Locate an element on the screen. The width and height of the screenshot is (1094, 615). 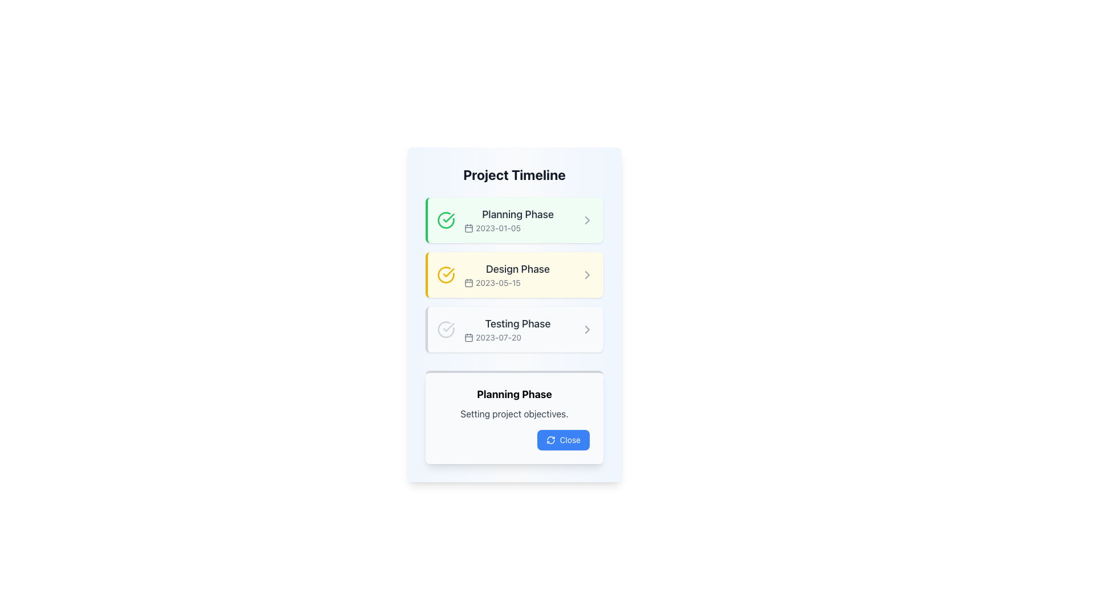
the text label displaying the date '2023-05-15', which is located in the 'Design Phase' section under the 'Project Timeline' title, next to a small calendar icon is located at coordinates (517, 282).